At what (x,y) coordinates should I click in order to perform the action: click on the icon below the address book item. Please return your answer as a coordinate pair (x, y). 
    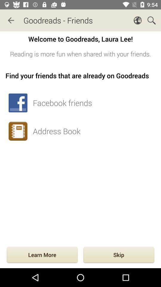
    Looking at the image, I should click on (119, 255).